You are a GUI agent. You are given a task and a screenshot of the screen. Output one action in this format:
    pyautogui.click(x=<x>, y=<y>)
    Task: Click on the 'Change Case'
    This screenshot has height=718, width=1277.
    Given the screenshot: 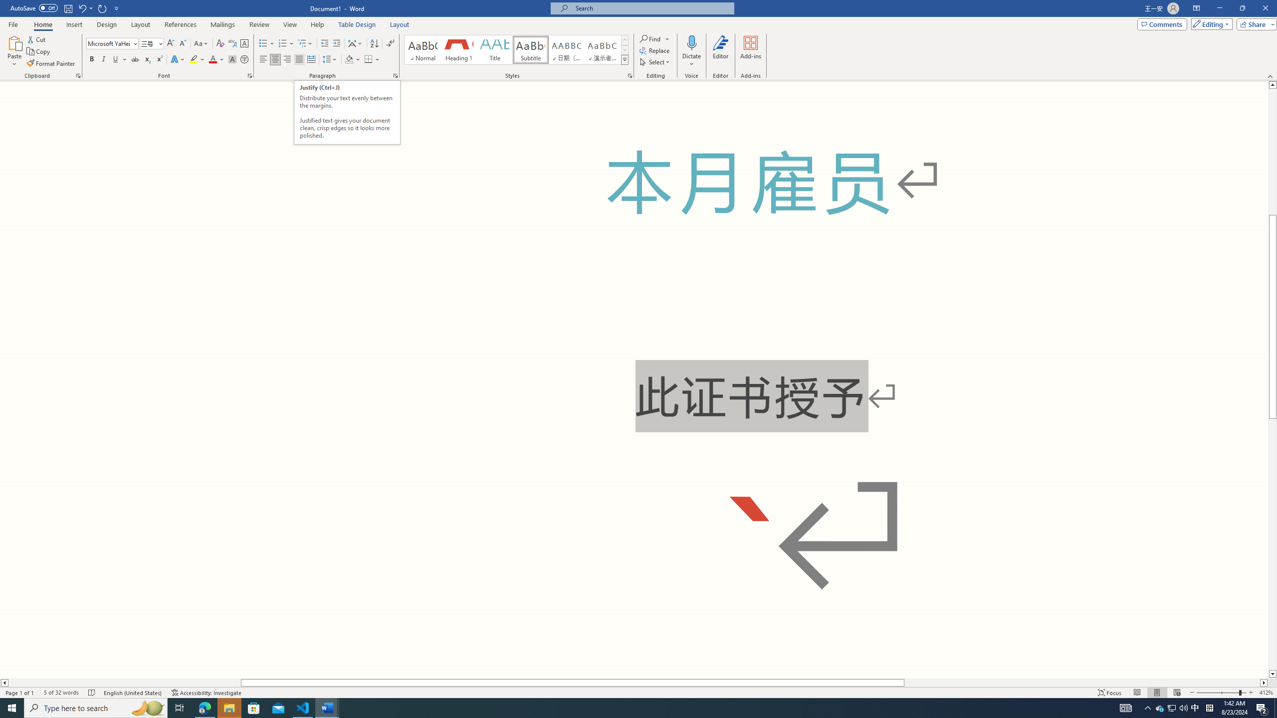 What is the action you would take?
    pyautogui.click(x=201, y=43)
    